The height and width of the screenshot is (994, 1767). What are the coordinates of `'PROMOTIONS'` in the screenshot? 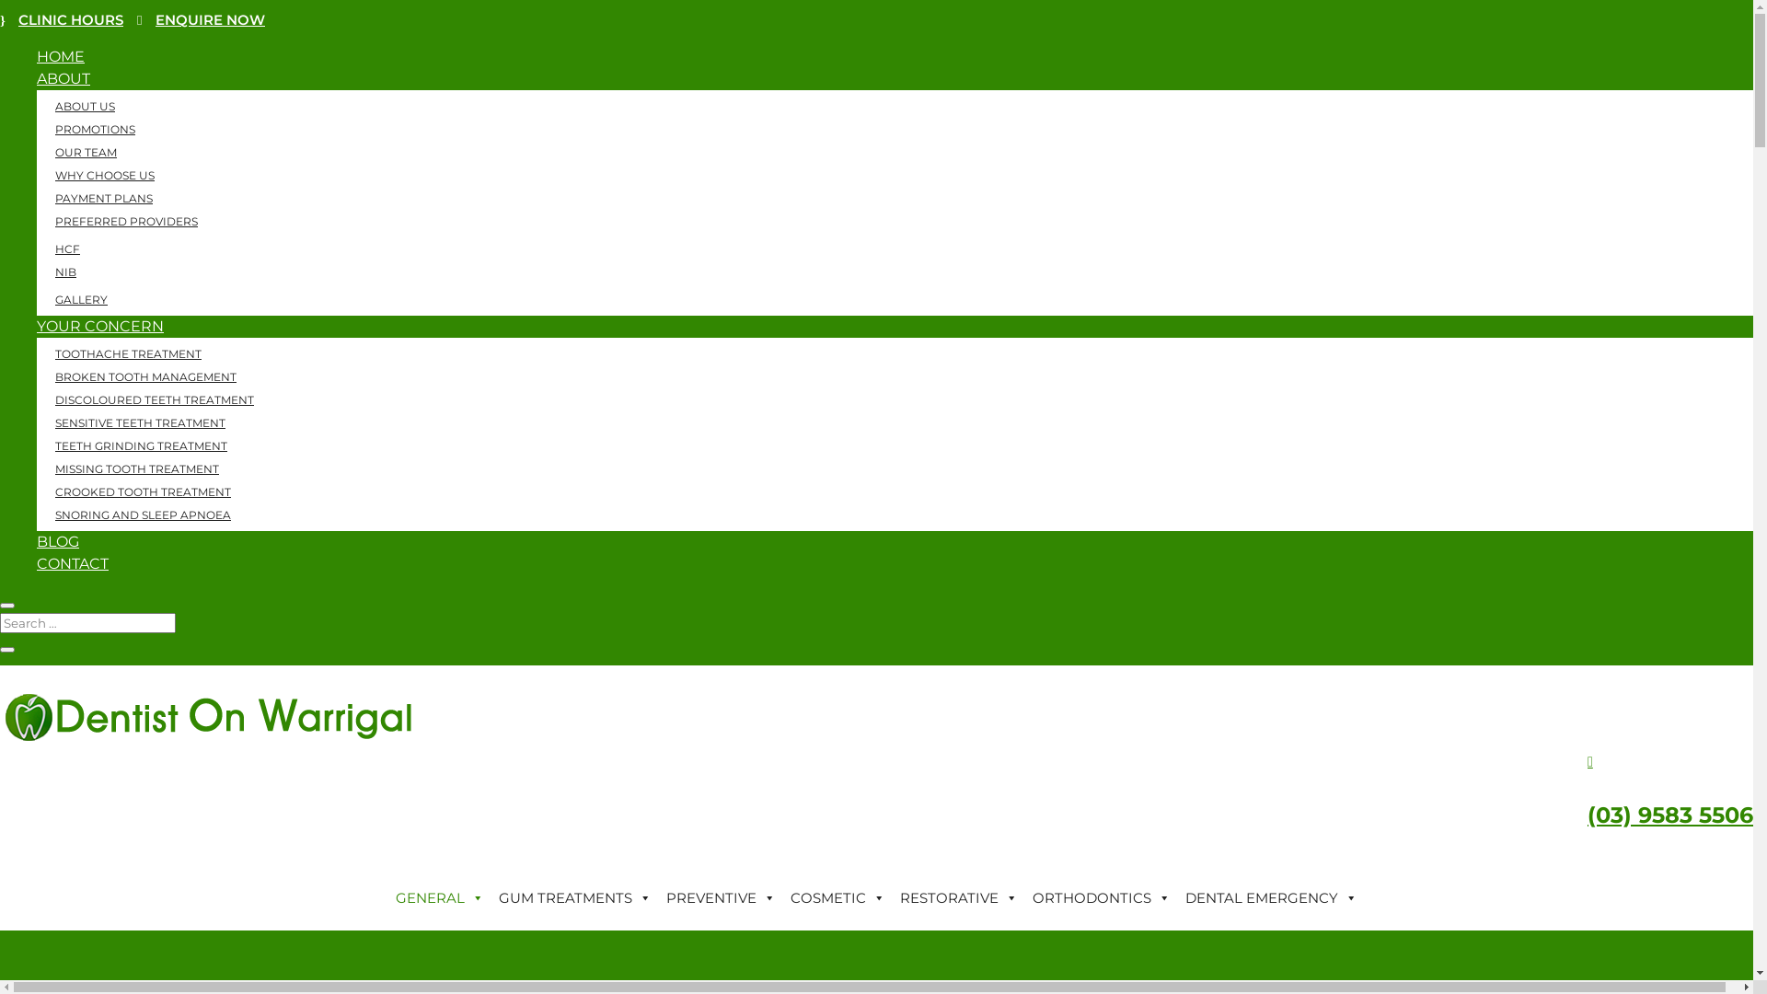 It's located at (94, 128).